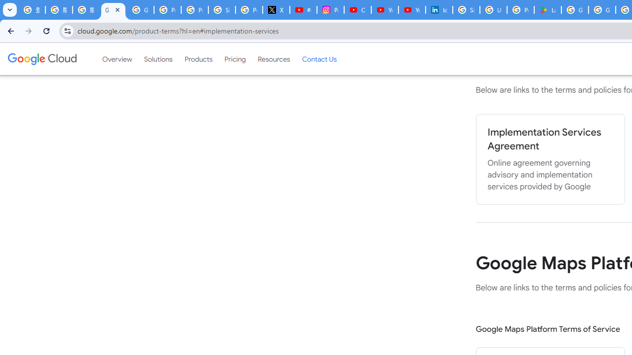 The width and height of the screenshot is (632, 355). Describe the element at coordinates (319, 59) in the screenshot. I see `'Contact Us'` at that location.